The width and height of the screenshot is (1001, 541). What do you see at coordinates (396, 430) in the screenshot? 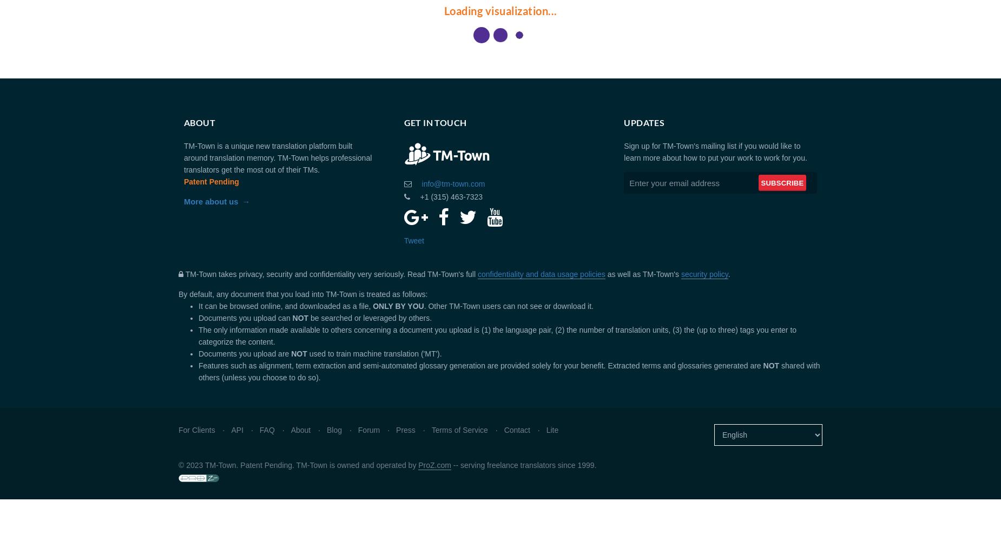
I see `'Press'` at bounding box center [396, 430].